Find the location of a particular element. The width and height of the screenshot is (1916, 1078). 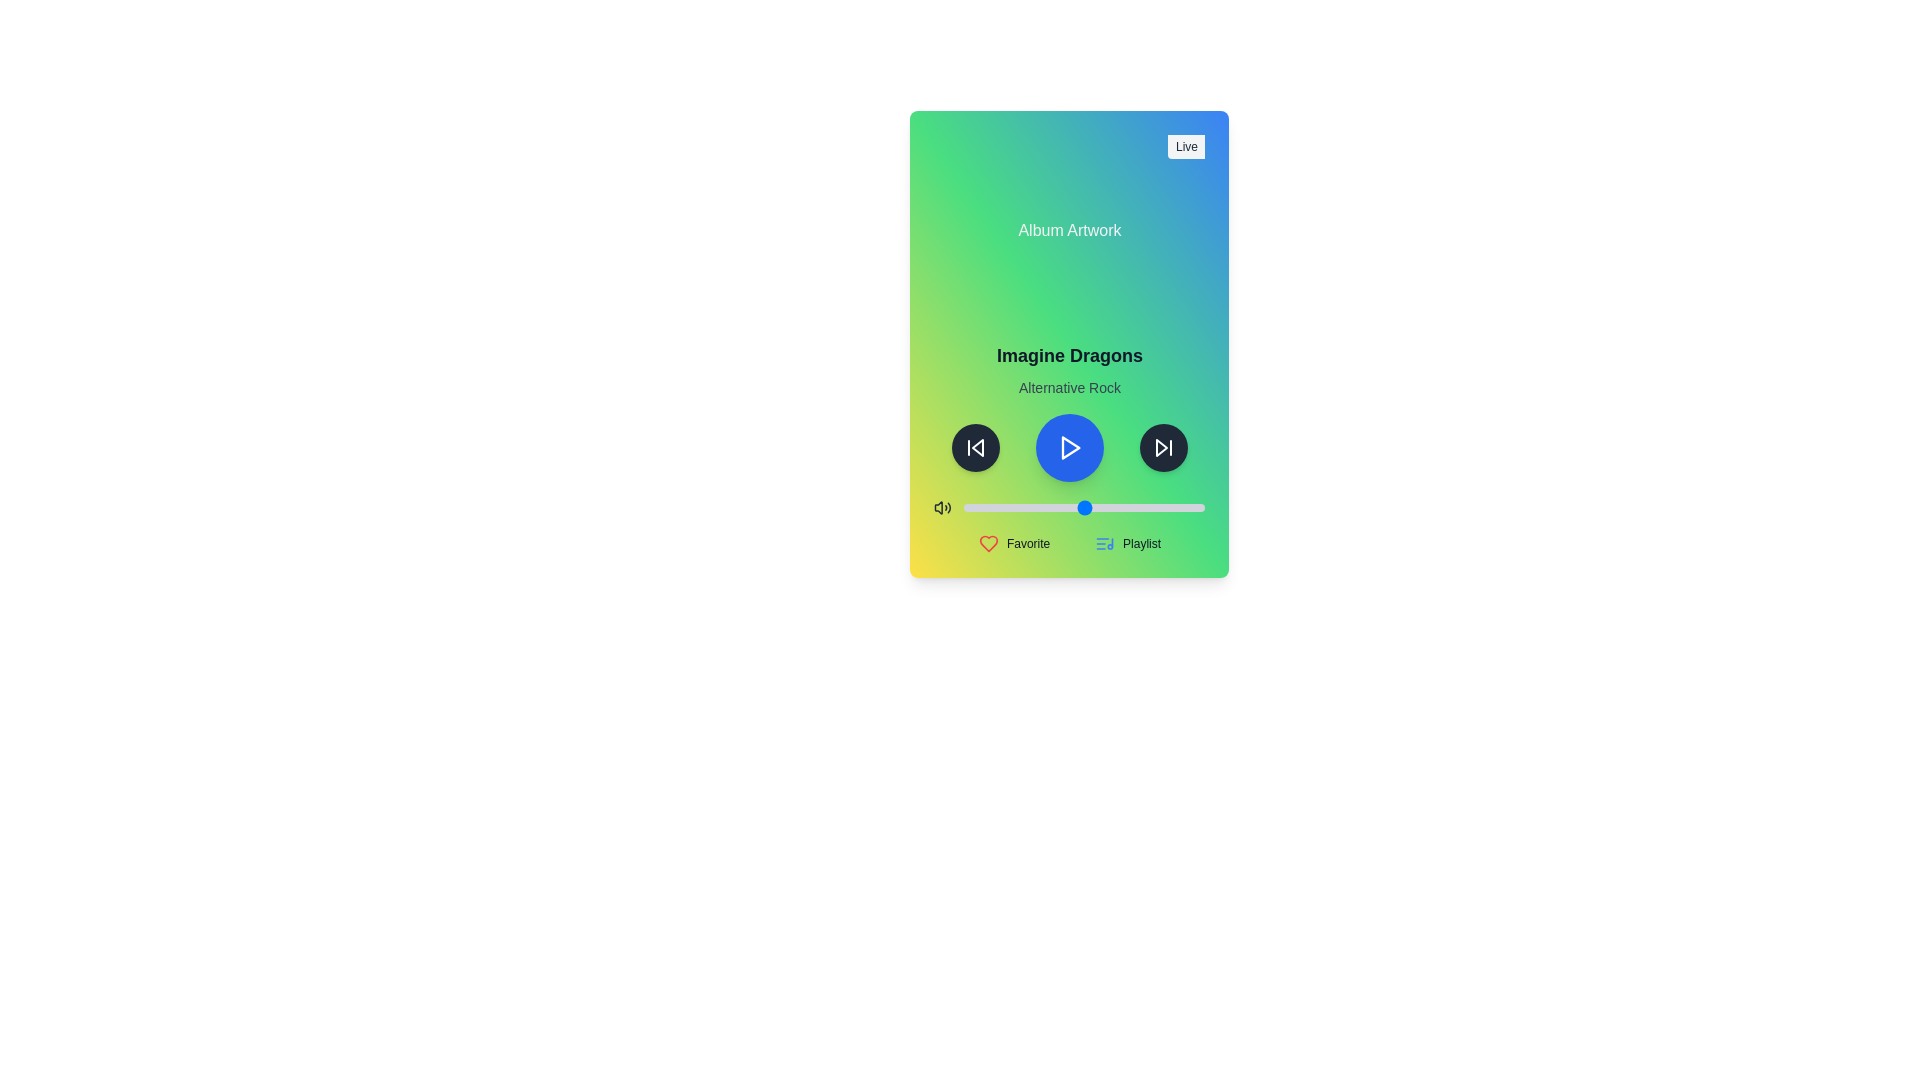

text displayed in the text label that says 'Album Artwork', which is centrally aligned within a gradient-colored card interface is located at coordinates (1068, 230).